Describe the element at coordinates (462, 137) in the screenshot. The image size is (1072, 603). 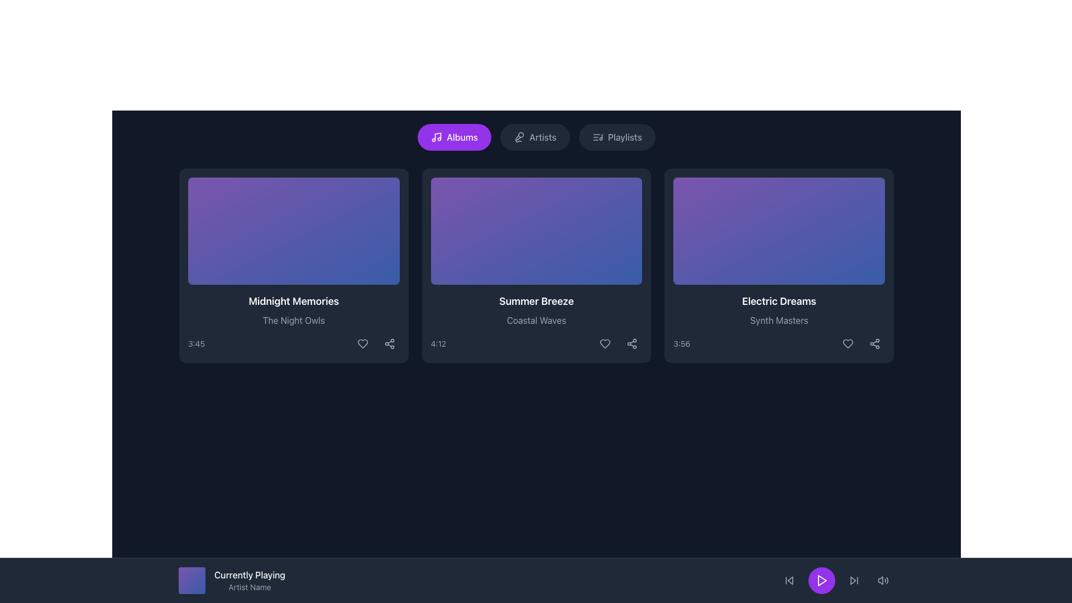
I see `the 'Albums' text label, which is displayed in white on a purple rounded rectangular button` at that location.